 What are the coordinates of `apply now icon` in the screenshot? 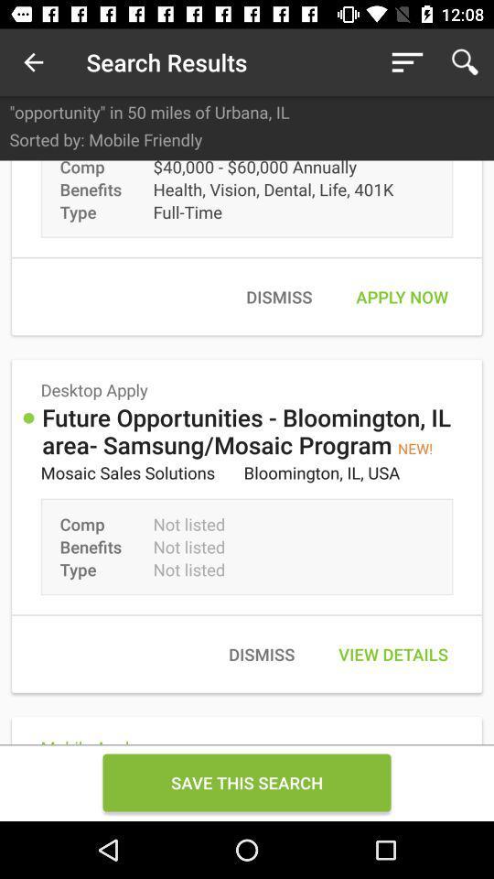 It's located at (401, 297).